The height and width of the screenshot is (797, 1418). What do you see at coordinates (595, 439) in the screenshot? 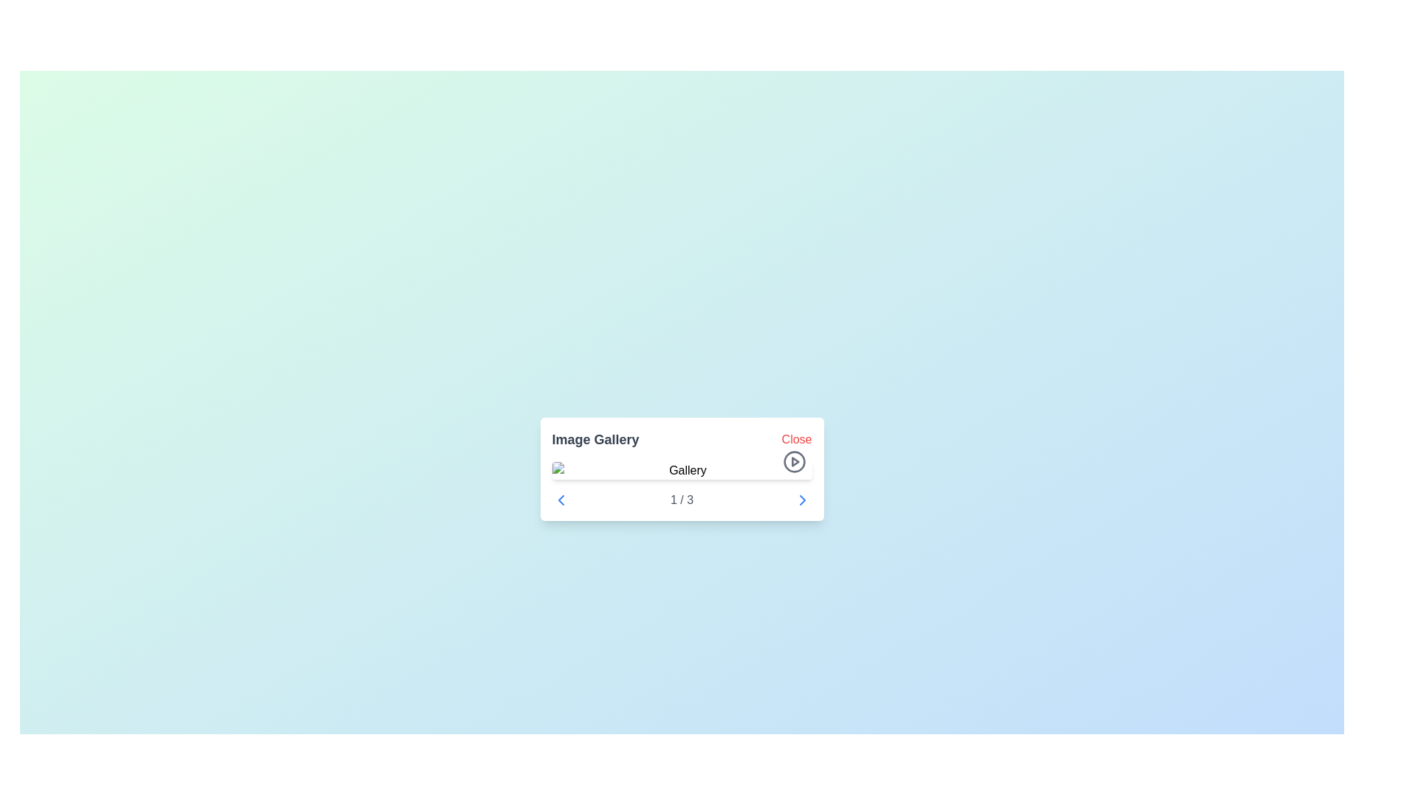
I see `the 'Image Gallery' text label, which is bold and large-sized, displayed in gray on a white background, serving as a section title` at bounding box center [595, 439].